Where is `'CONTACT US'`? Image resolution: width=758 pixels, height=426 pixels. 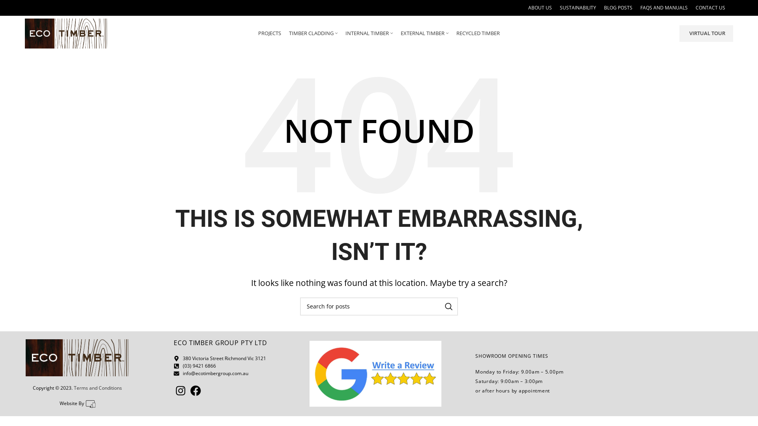
'CONTACT US' is located at coordinates (695, 7).